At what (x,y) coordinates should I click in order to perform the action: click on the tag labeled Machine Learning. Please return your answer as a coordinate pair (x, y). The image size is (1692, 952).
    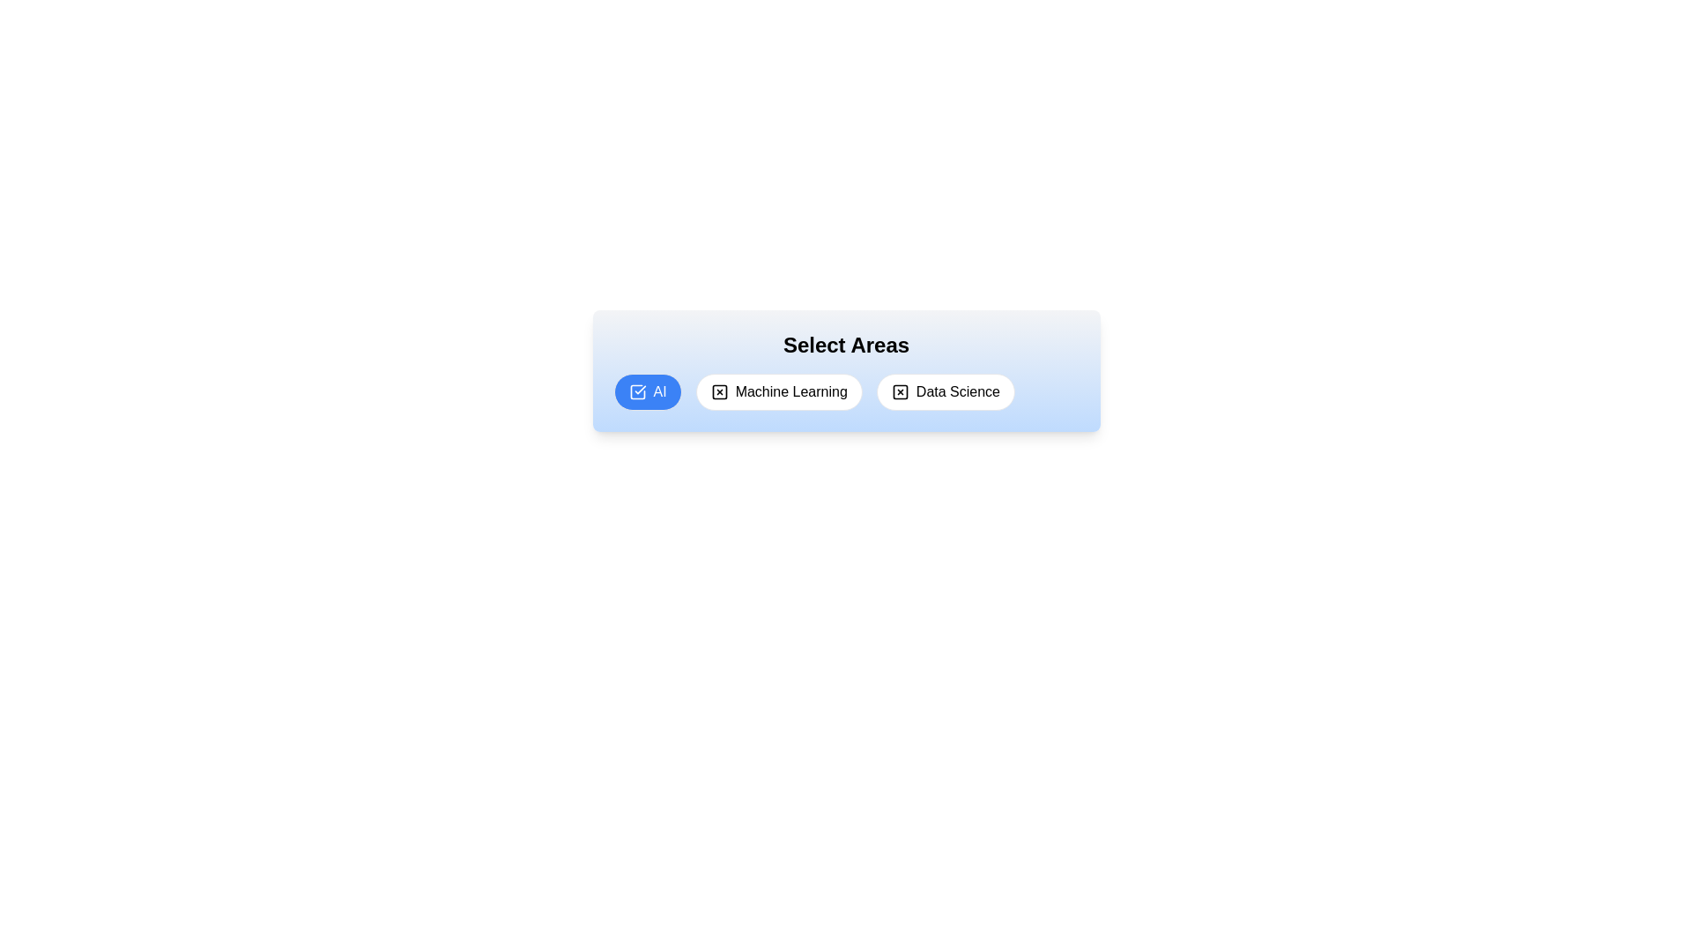
    Looking at the image, I should click on (778, 390).